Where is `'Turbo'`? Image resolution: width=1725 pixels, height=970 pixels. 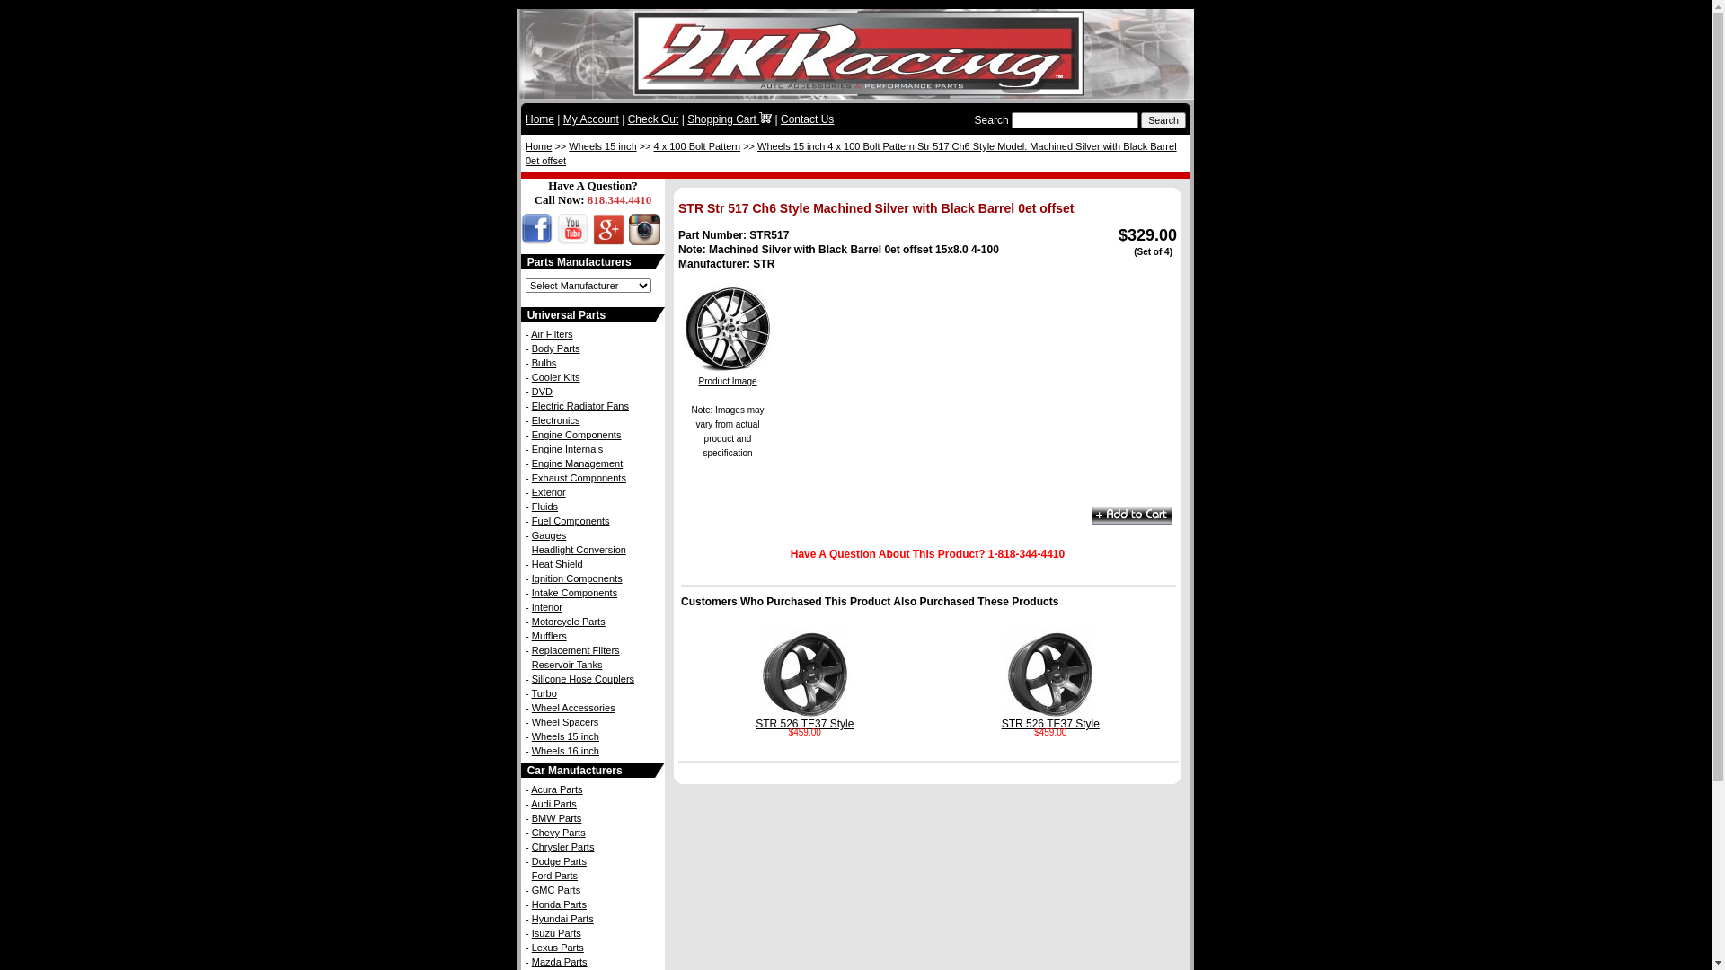 'Turbo' is located at coordinates (543, 692).